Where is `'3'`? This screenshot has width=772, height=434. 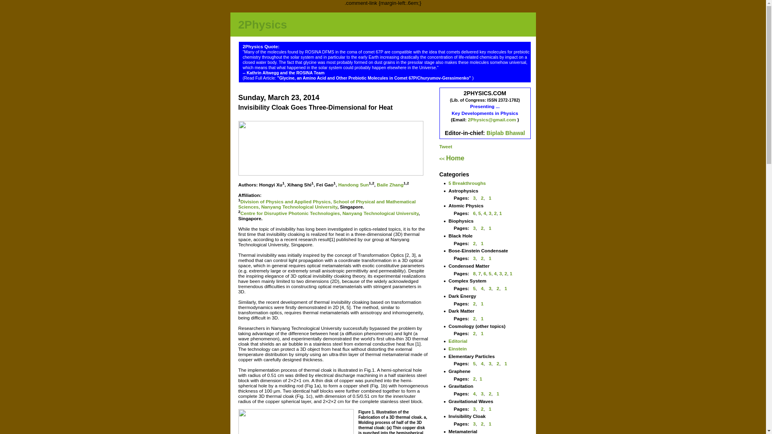 '3' is located at coordinates (482, 393).